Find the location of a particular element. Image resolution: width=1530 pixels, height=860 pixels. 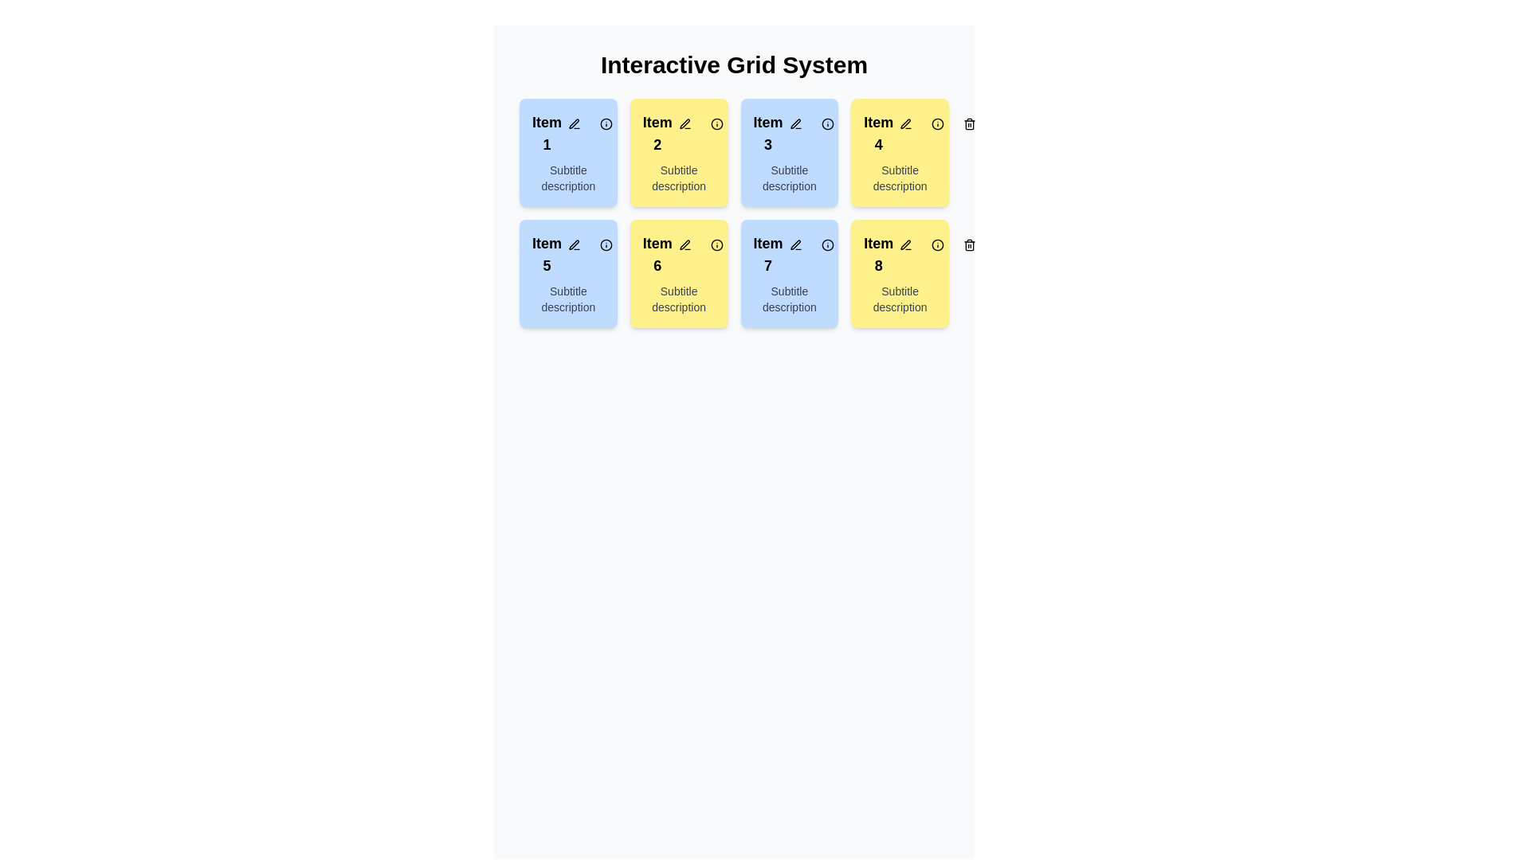

the static text label located at the bottom of the sixth card labeled 'Item 6' in the middle right of the grid is located at coordinates (679, 299).